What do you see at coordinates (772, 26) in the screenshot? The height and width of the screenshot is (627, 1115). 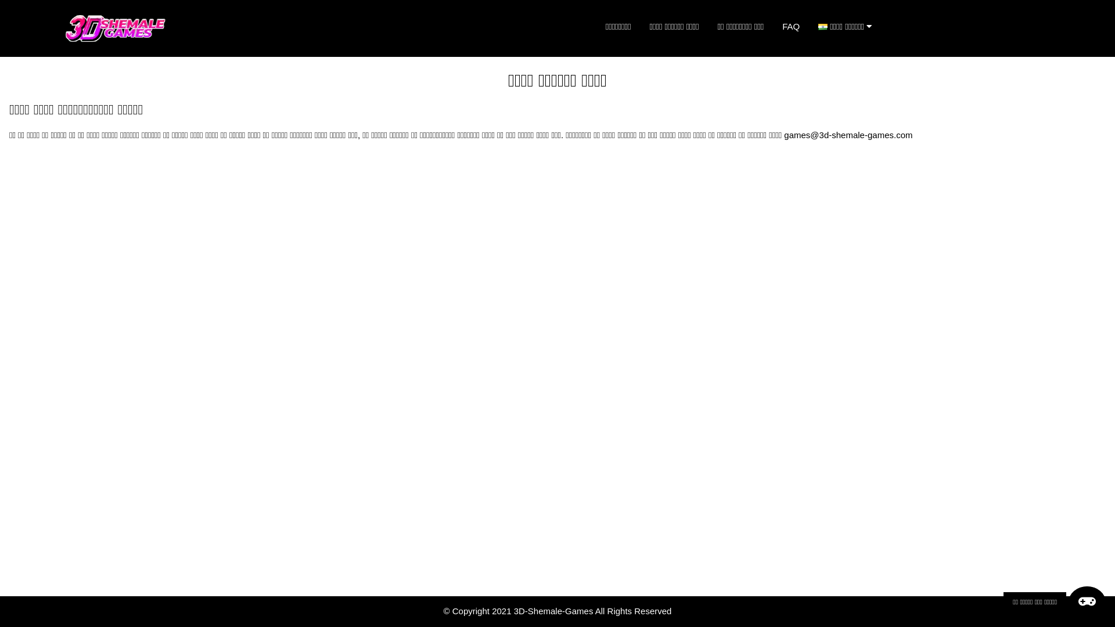 I see `'FAQ'` at bounding box center [772, 26].